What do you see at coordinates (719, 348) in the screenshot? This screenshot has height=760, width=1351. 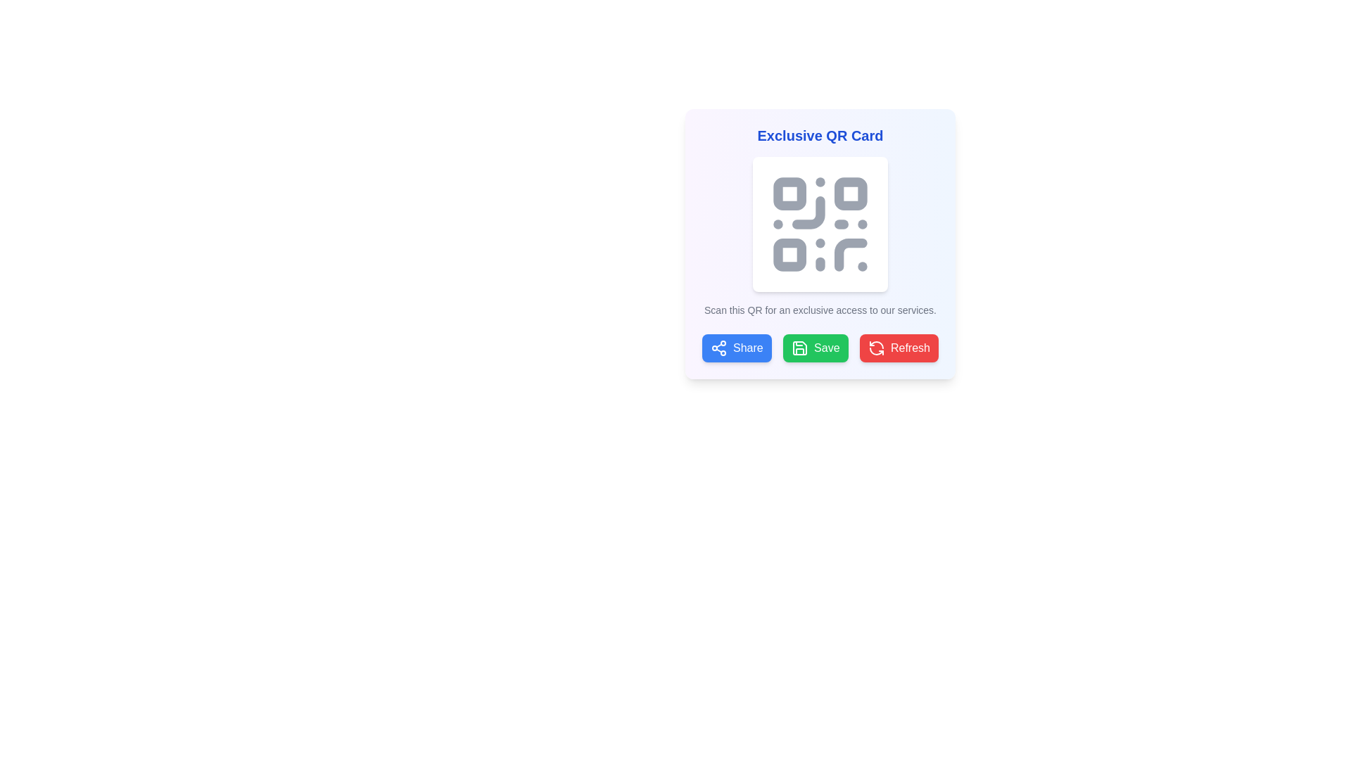 I see `the share icon, which resembles a share symbol with three dots connected by lines, located to the left of the Share text within the Share button at the bottom of the panel containing the QR code` at bounding box center [719, 348].